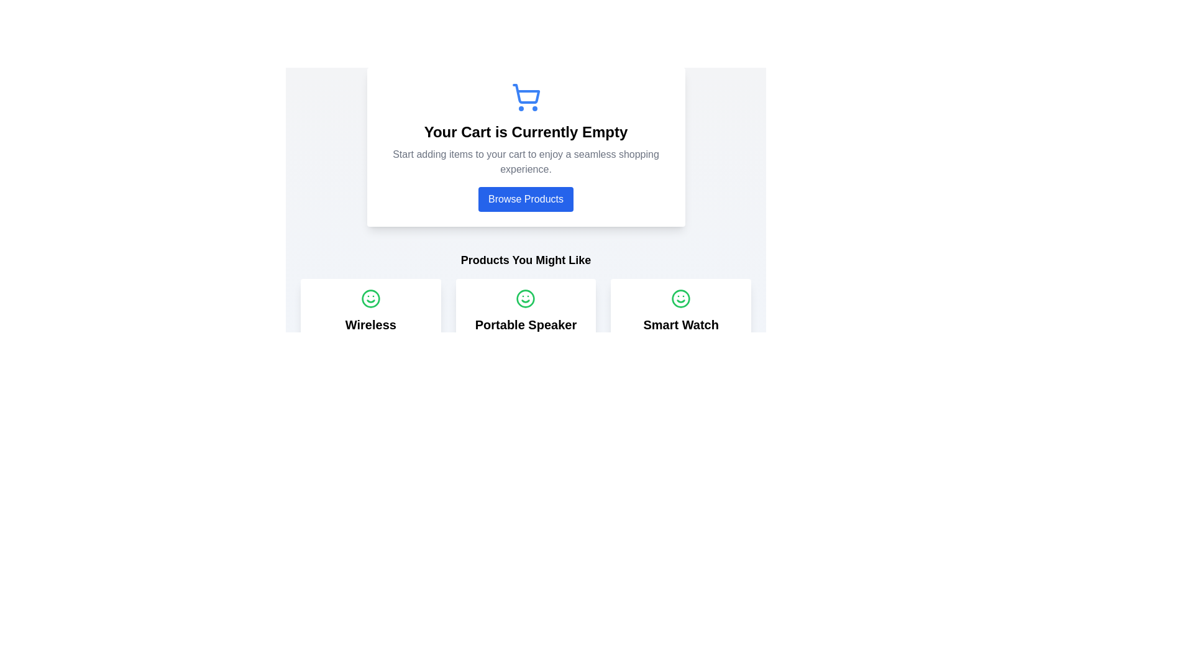 Image resolution: width=1193 pixels, height=671 pixels. Describe the element at coordinates (526, 162) in the screenshot. I see `text label that says 'Start adding items to your cart to enjoy a seamless shopping experience.' positioned beneath the heading 'Your Cart is Currently Empty.'` at that location.